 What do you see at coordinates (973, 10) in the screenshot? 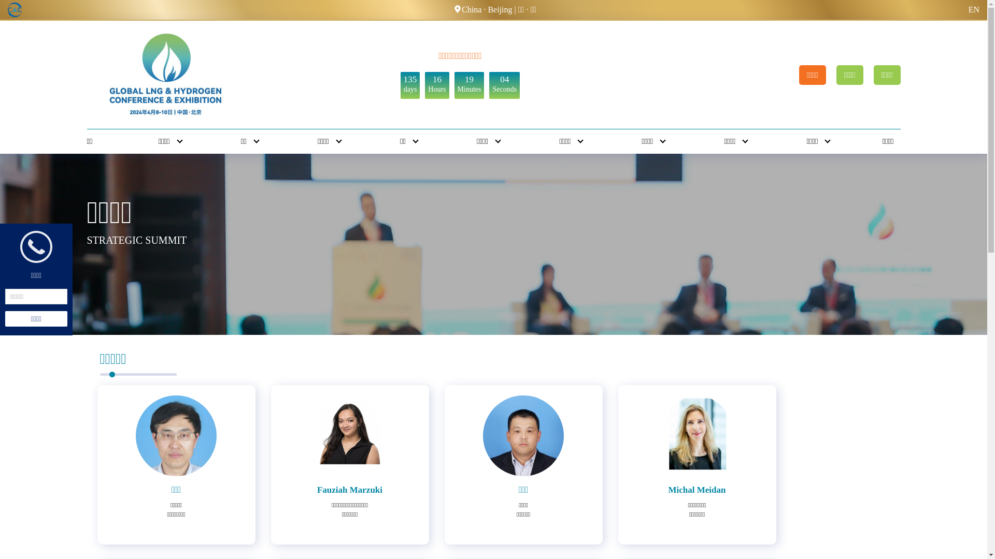
I see `'EN'` at bounding box center [973, 10].